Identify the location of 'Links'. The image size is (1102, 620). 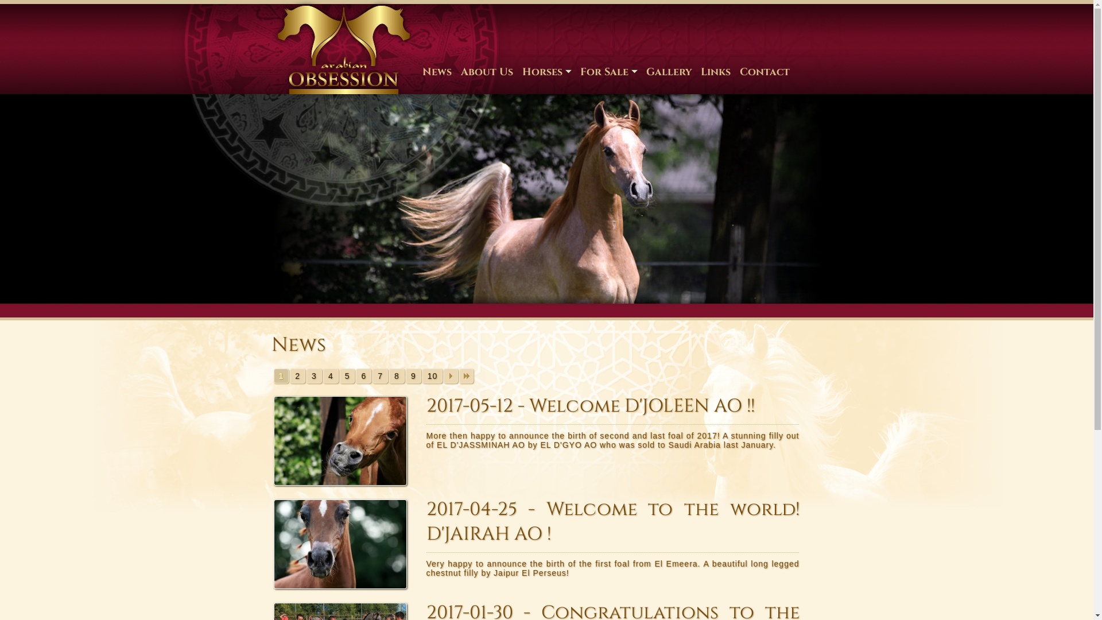
(715, 71).